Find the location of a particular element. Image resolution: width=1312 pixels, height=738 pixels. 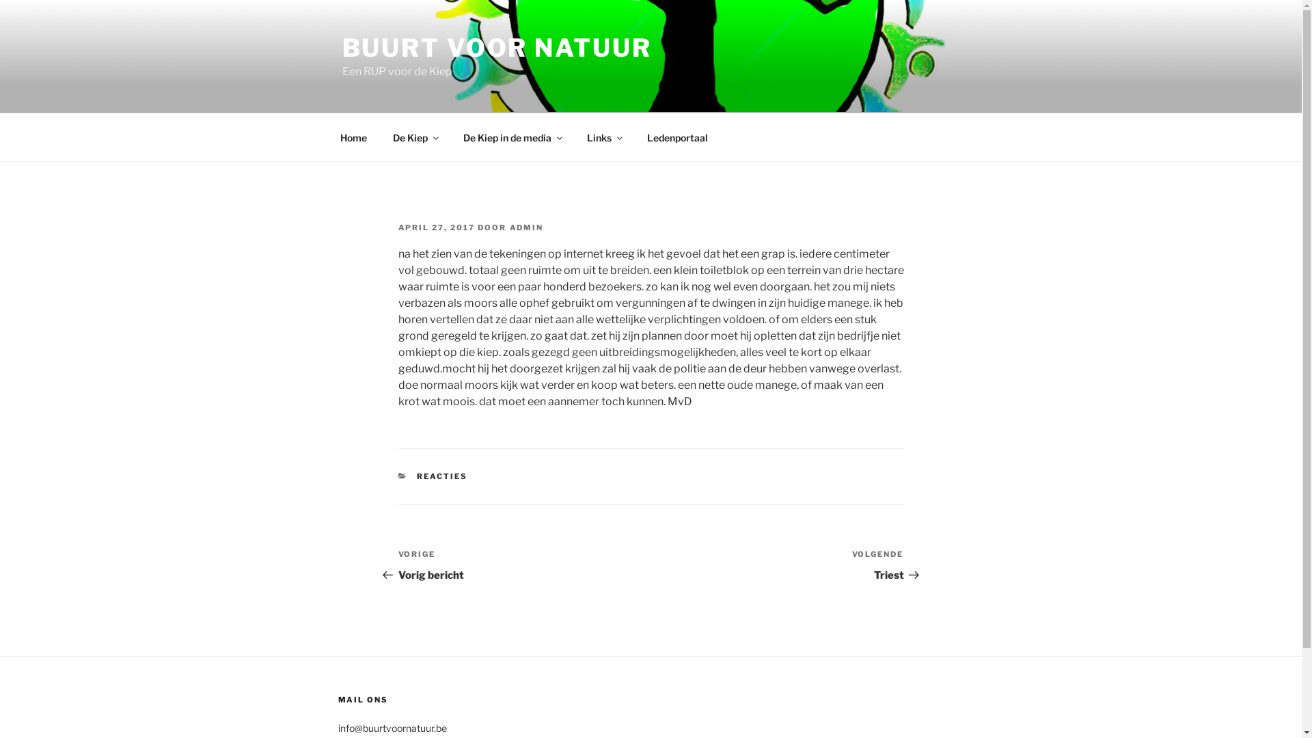

'Home' is located at coordinates (353, 137).